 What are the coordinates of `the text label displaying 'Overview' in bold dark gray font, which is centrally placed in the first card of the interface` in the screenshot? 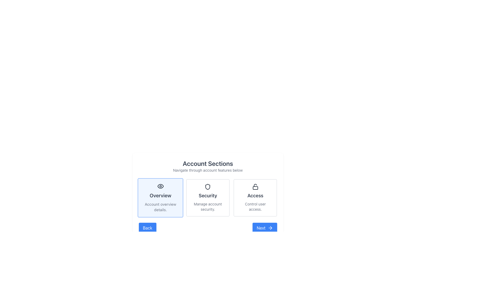 It's located at (160, 195).